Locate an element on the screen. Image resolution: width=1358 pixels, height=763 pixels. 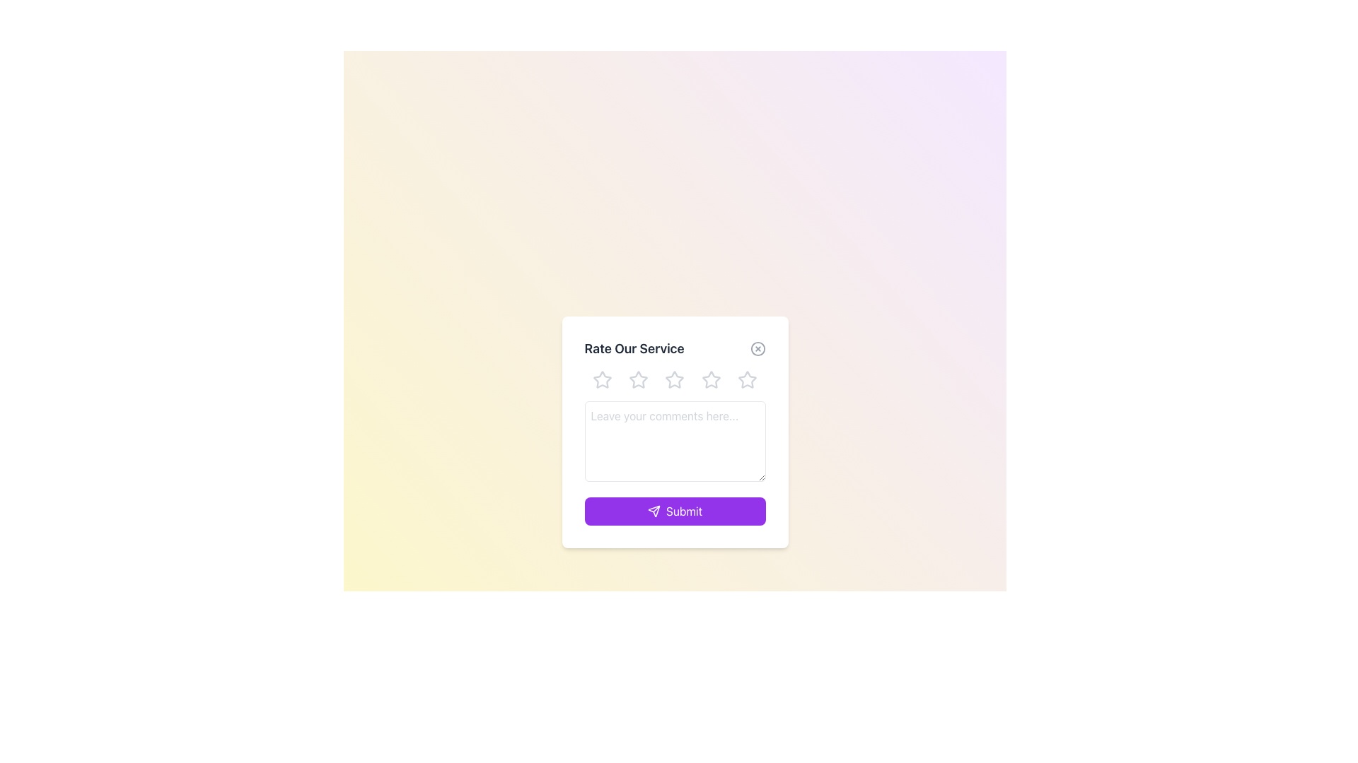
the third star icon in a horizontal row of five identical stars to trigger the hover effects is located at coordinates (674, 379).